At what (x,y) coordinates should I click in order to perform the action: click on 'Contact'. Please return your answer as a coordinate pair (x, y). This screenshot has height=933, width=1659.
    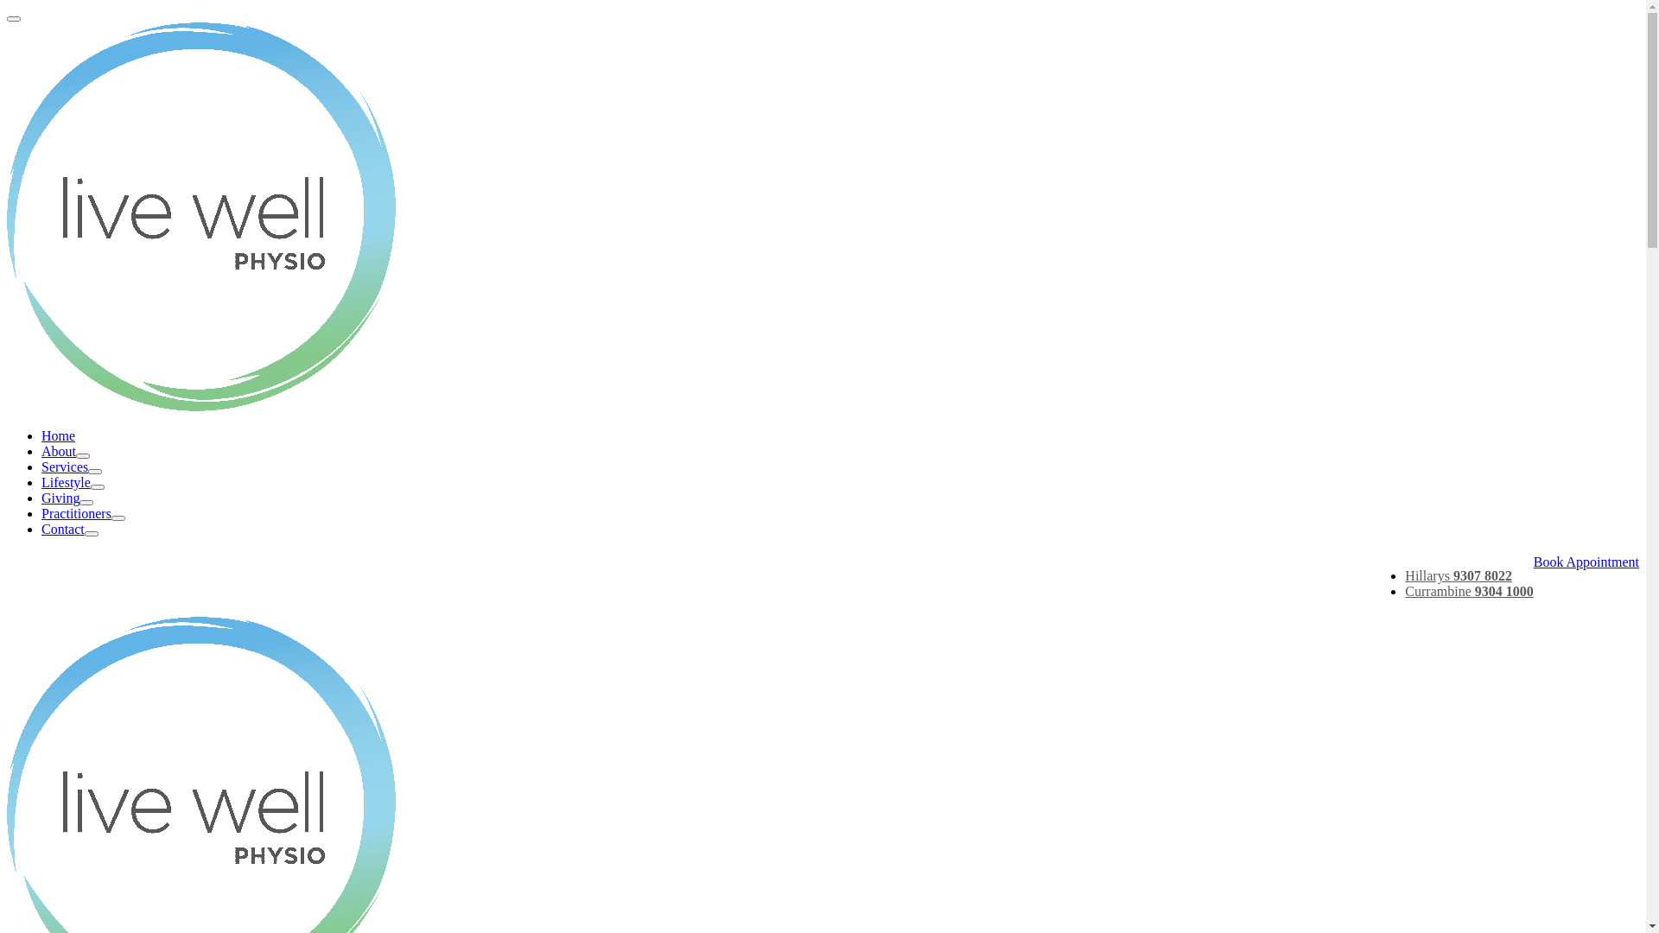
    Looking at the image, I should click on (69, 528).